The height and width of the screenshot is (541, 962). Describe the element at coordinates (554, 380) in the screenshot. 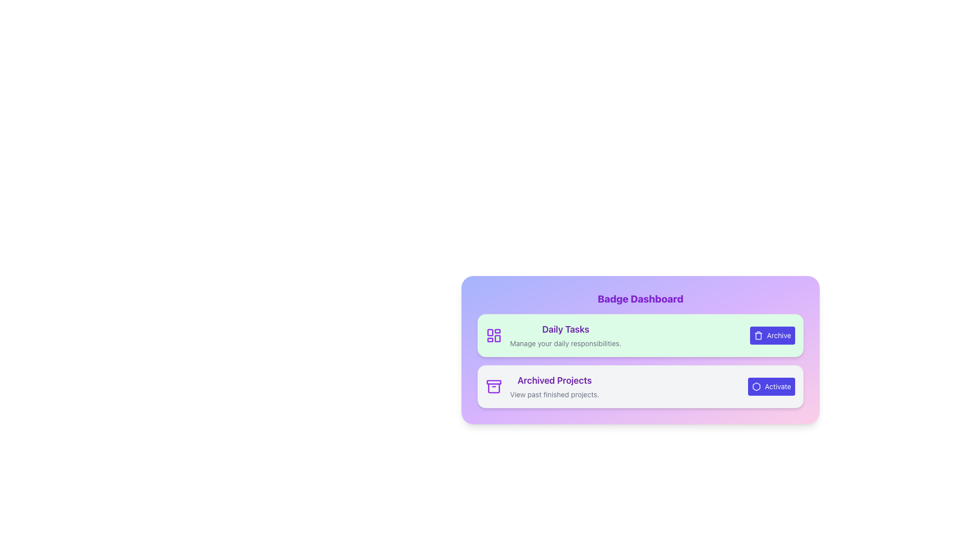

I see `header text 'Archived Projects' displayed in a large and bold purple font, located in the second card-like section of the dashboard layout, below 'Daily Tasks'` at that location.